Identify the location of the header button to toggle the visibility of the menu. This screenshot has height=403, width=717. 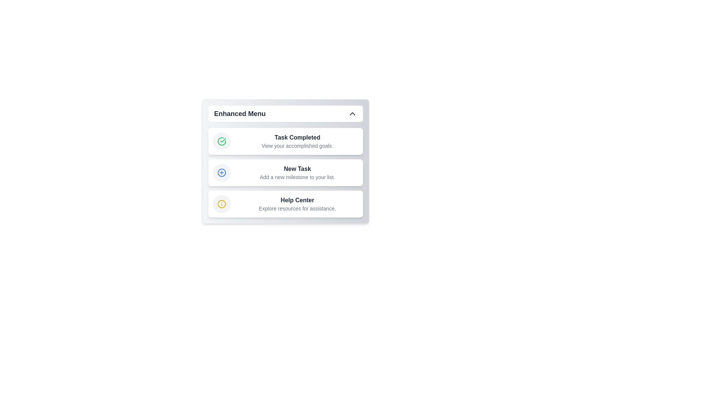
(285, 113).